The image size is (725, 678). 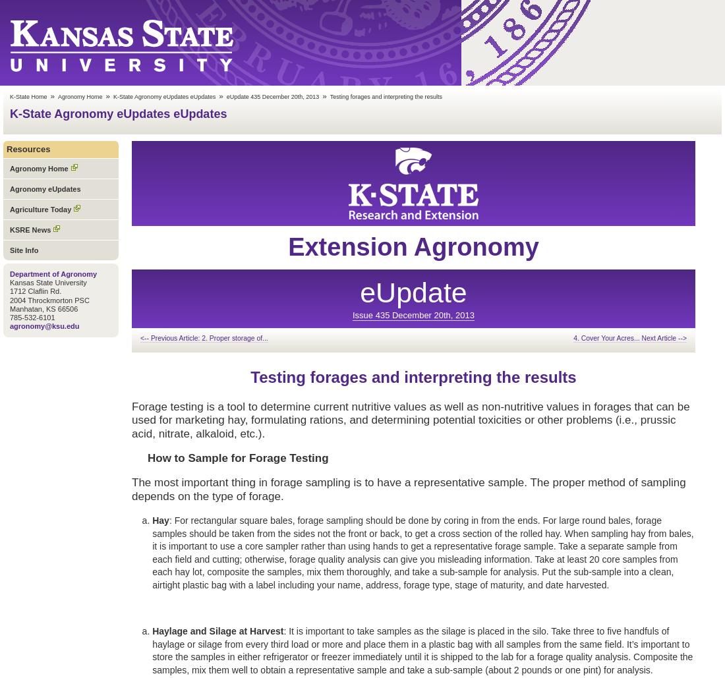 I want to click on 'eUpdate 435 December 20th, 2013', so click(x=225, y=97).